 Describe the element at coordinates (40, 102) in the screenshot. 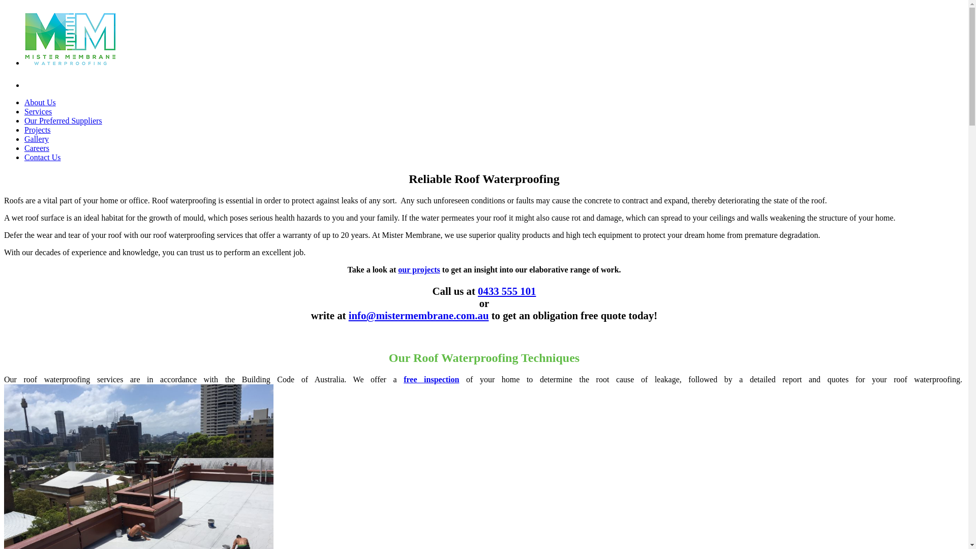

I see `'About Us'` at that location.